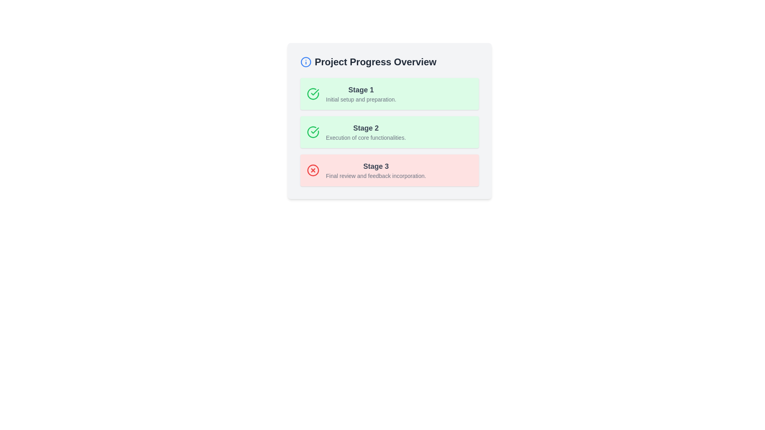  Describe the element at coordinates (361, 99) in the screenshot. I see `the text label that provides a summary of the tasks associated with 'Stage 1' in the project progress pipeline, positioned below the 'Stage 1' header in the first card` at that location.